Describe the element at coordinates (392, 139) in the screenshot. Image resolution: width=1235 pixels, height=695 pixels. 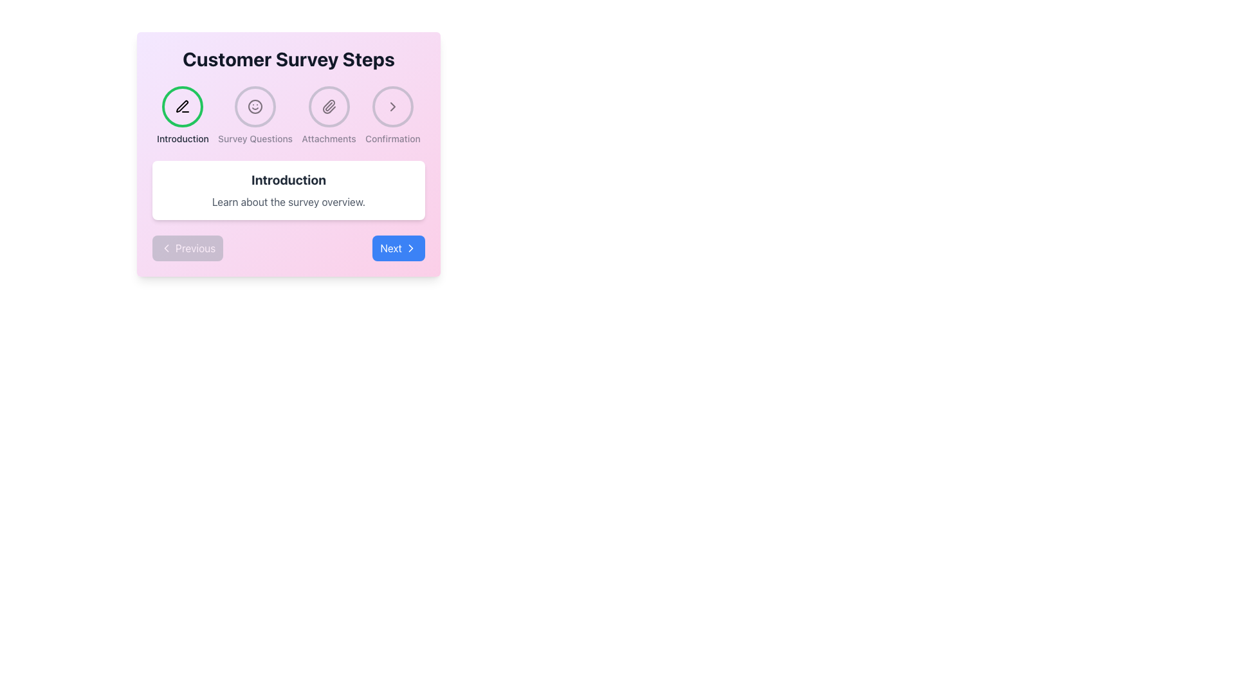
I see `the 'Confirmation' text label, which is a small, dark gray label positioned at the bottom of a navigation component, located in the top-right section of the page` at that location.